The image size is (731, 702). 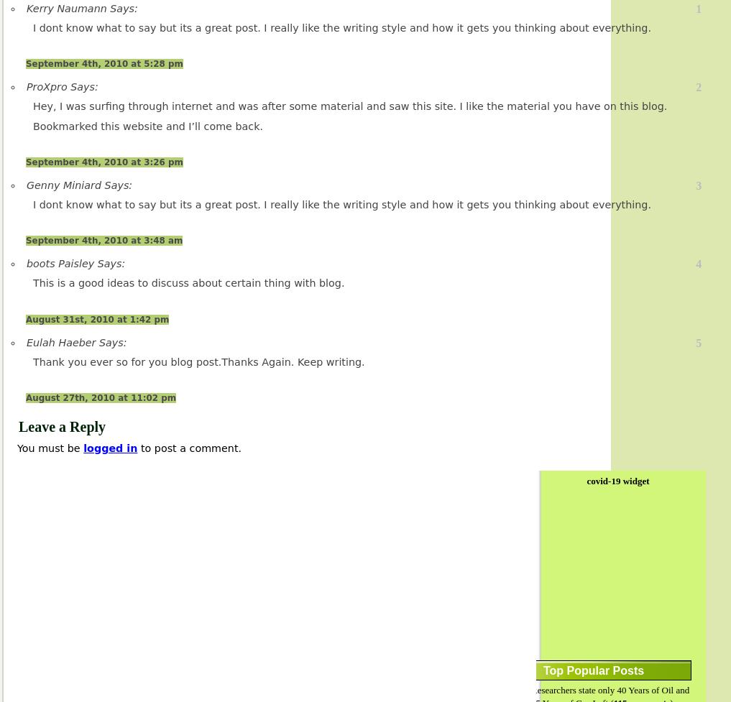 What do you see at coordinates (62, 86) in the screenshot?
I see `'ProXpro Says:'` at bounding box center [62, 86].